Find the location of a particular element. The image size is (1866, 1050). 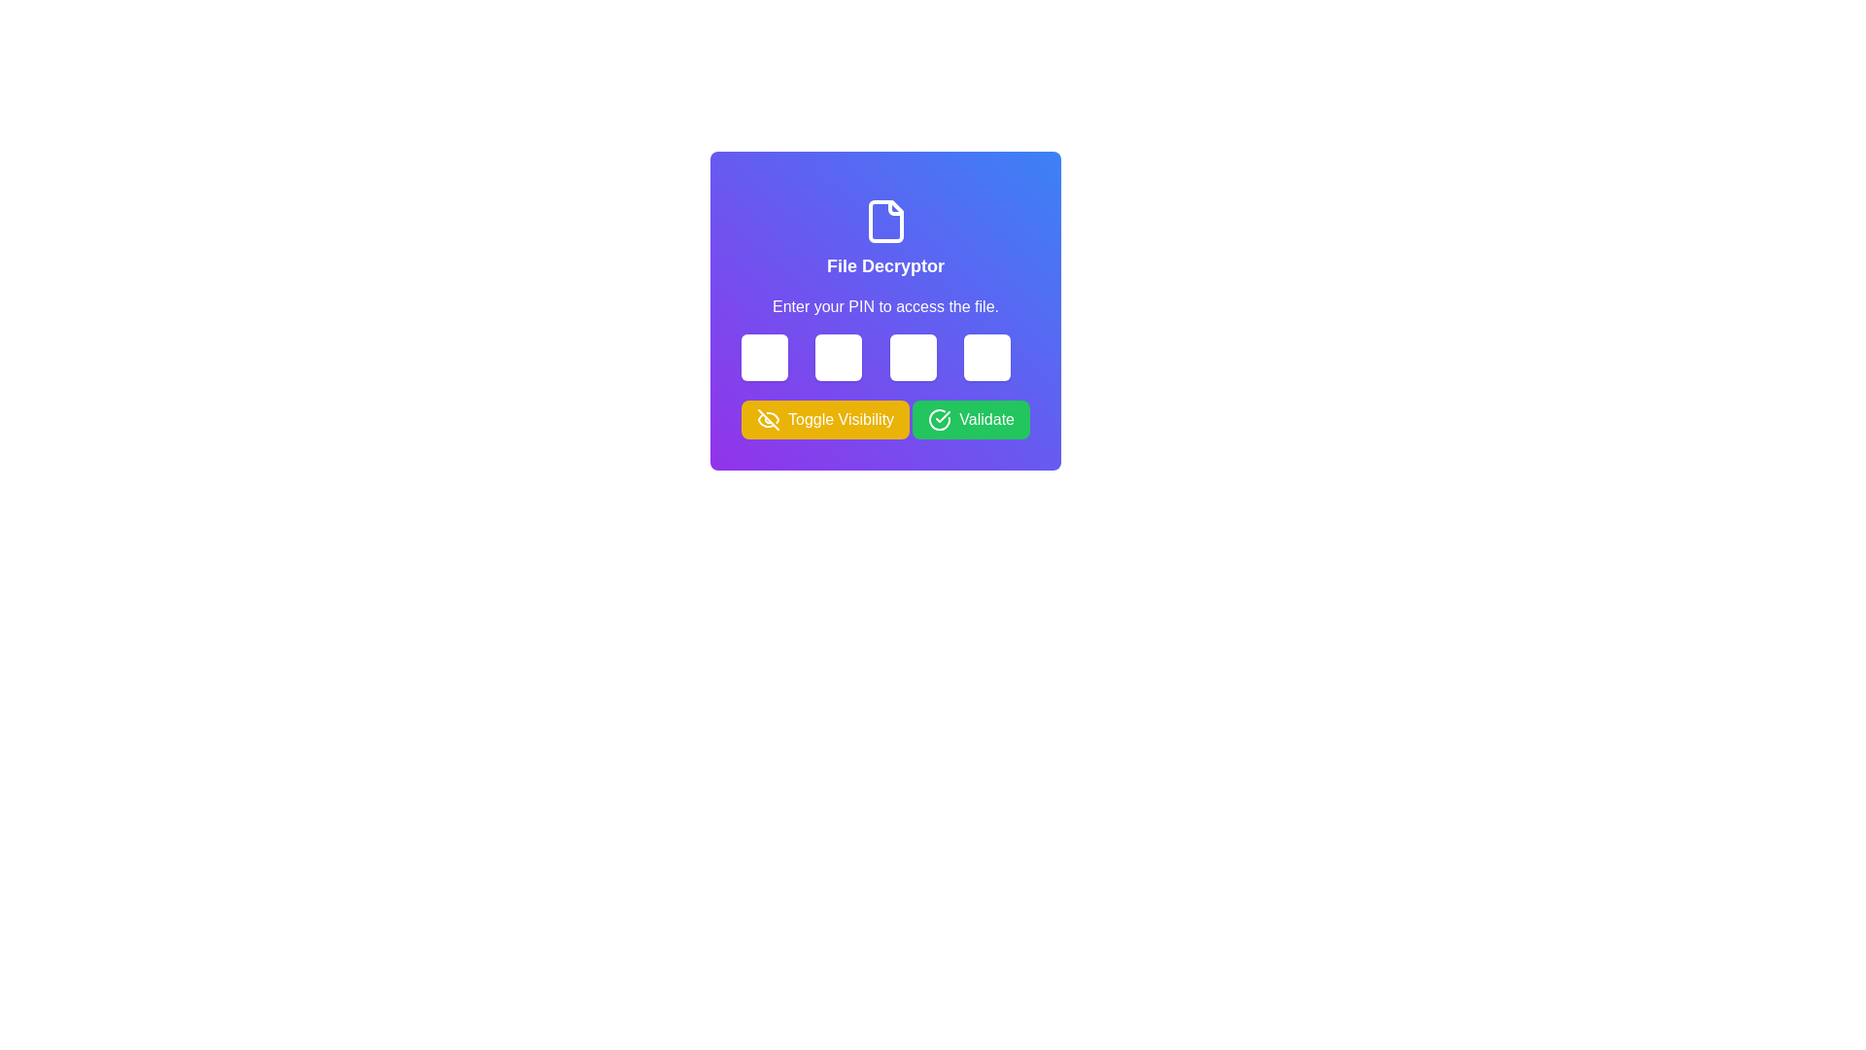

the Header with Icon that features a document icon and the title 'File Decryptor' on a blue gradient background is located at coordinates (884, 238).